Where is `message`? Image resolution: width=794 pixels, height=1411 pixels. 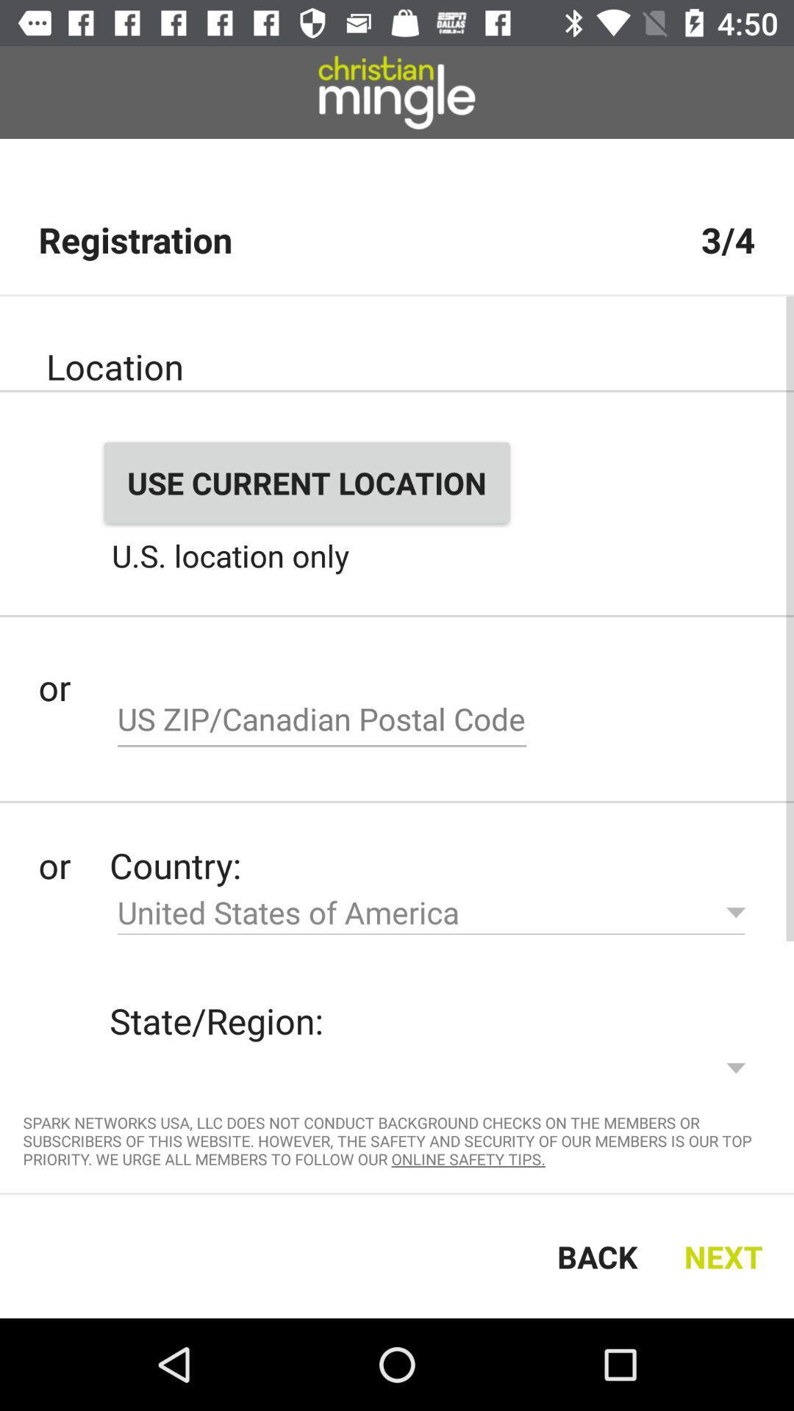
message is located at coordinates (321, 721).